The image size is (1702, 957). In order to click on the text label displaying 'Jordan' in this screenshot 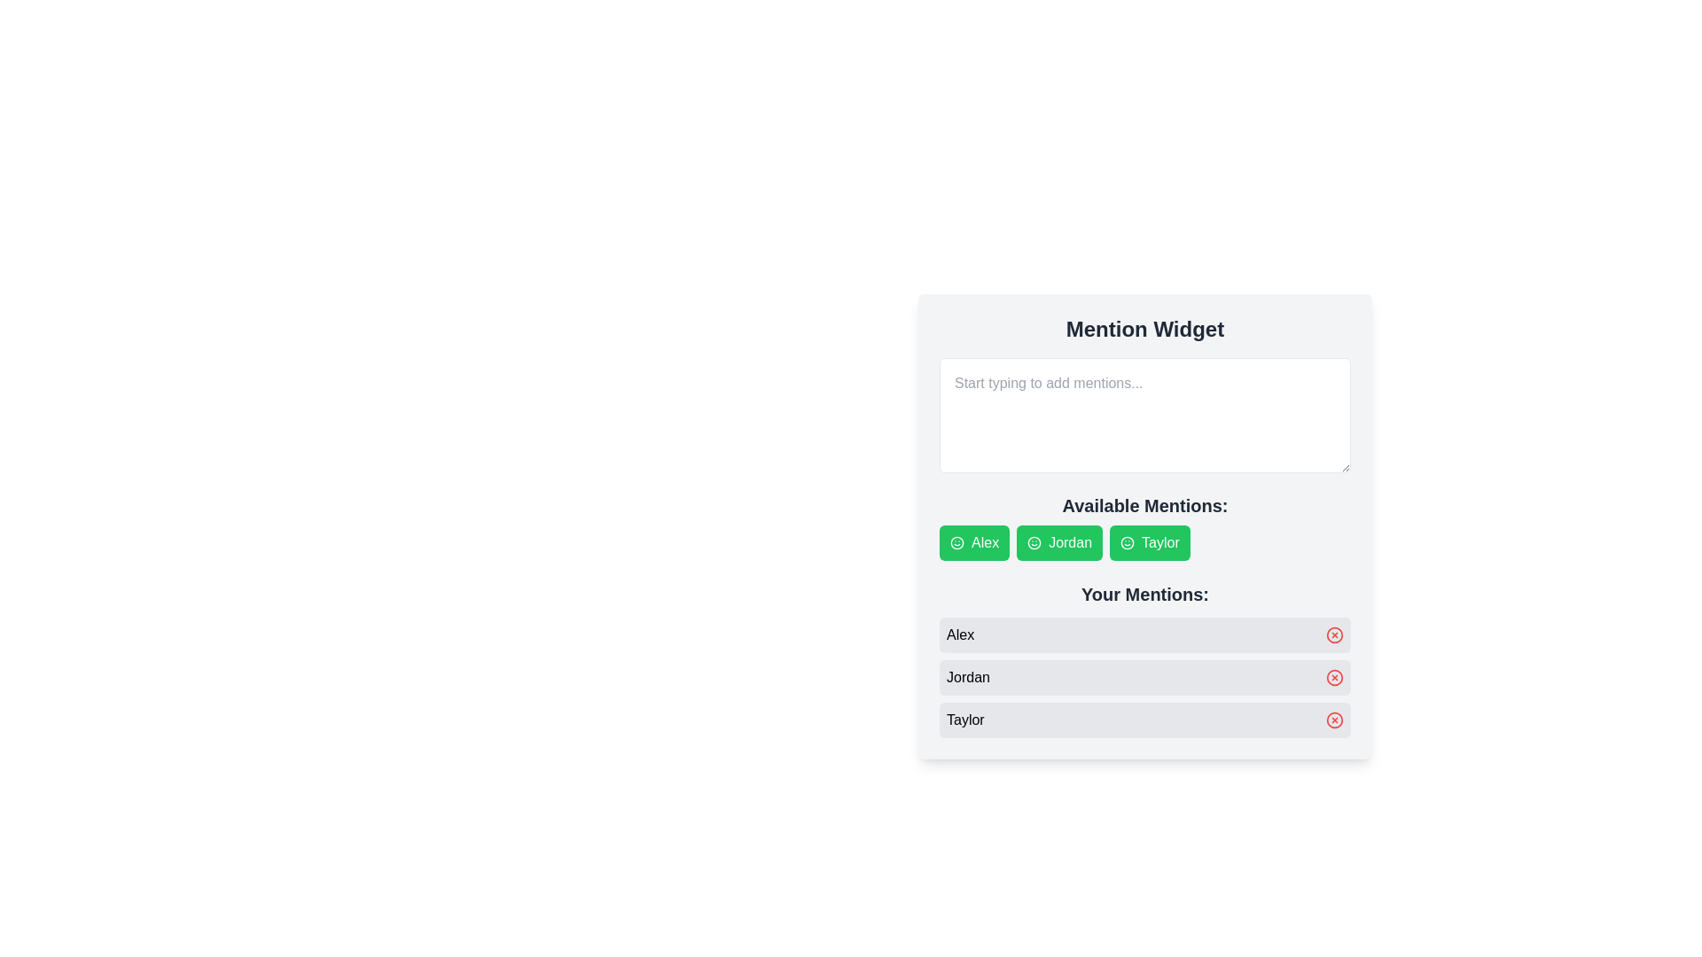, I will do `click(967, 677)`.